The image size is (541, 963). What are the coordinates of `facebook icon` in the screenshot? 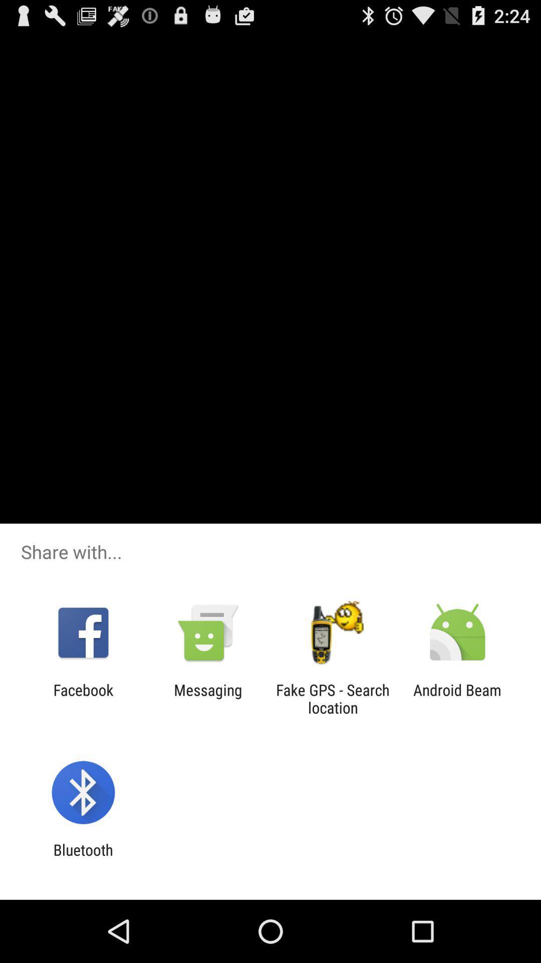 It's located at (83, 698).